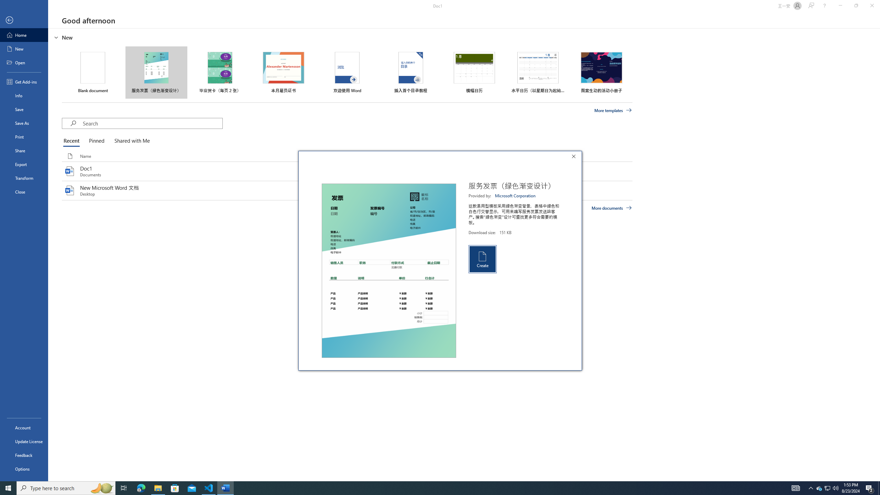 The image size is (880, 495). Describe the element at coordinates (66, 487) in the screenshot. I see `'Type here to search'` at that location.